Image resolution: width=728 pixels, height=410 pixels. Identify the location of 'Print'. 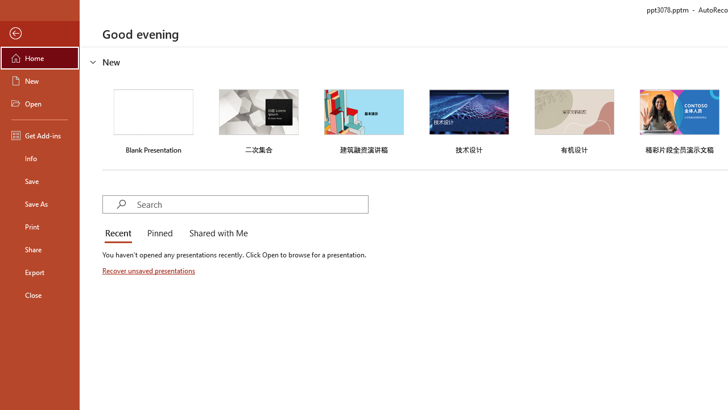
(39, 227).